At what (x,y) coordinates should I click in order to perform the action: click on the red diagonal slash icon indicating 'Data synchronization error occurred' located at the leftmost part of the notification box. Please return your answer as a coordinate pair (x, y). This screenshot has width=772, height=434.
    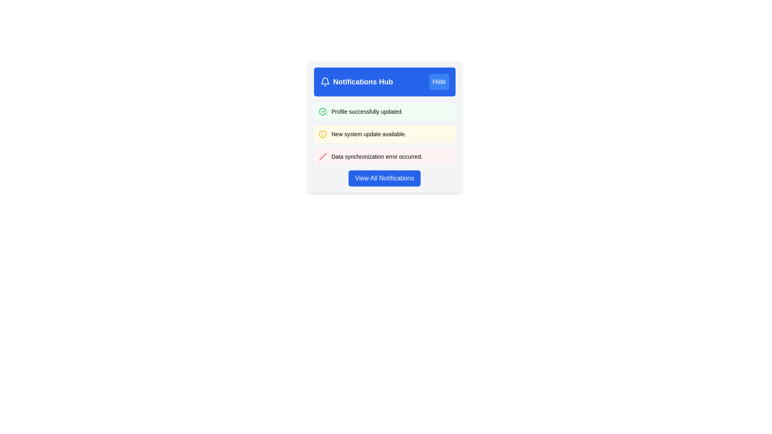
    Looking at the image, I should click on (322, 156).